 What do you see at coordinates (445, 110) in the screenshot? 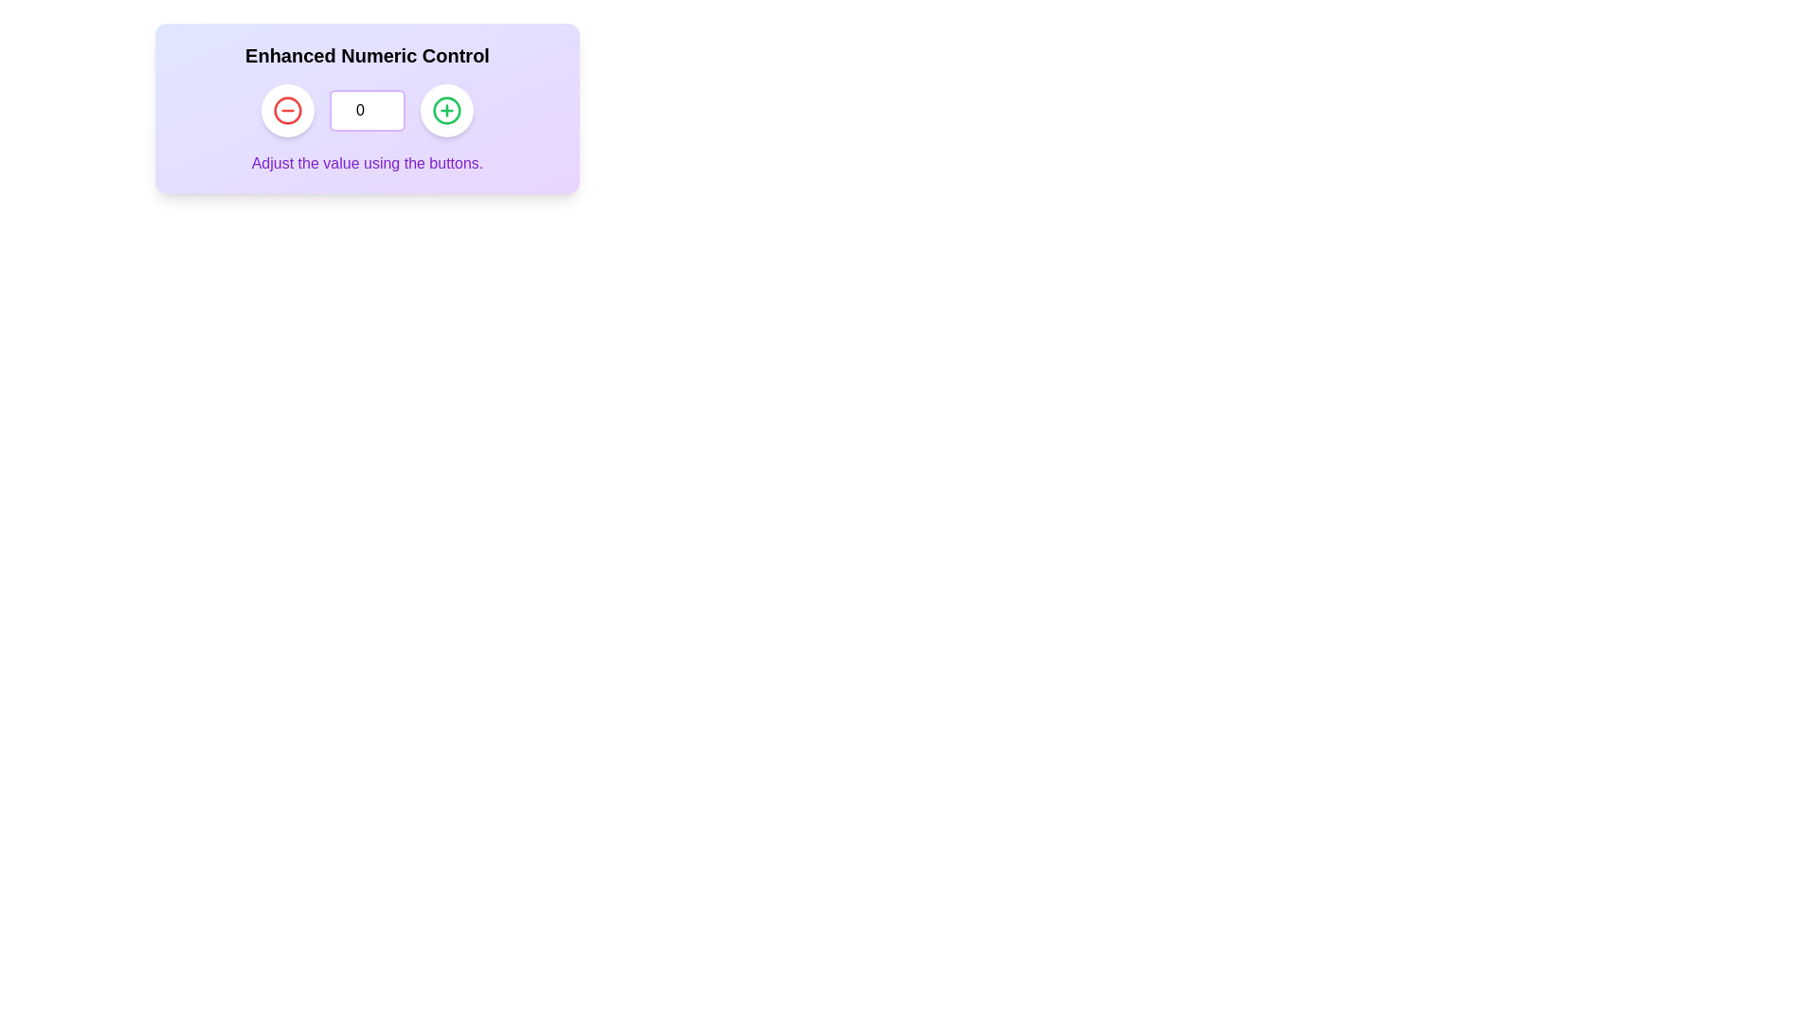
I see `the circular green increment button with a plus symbol located on the far-right side of the numeric control interface to increment the value` at bounding box center [445, 110].